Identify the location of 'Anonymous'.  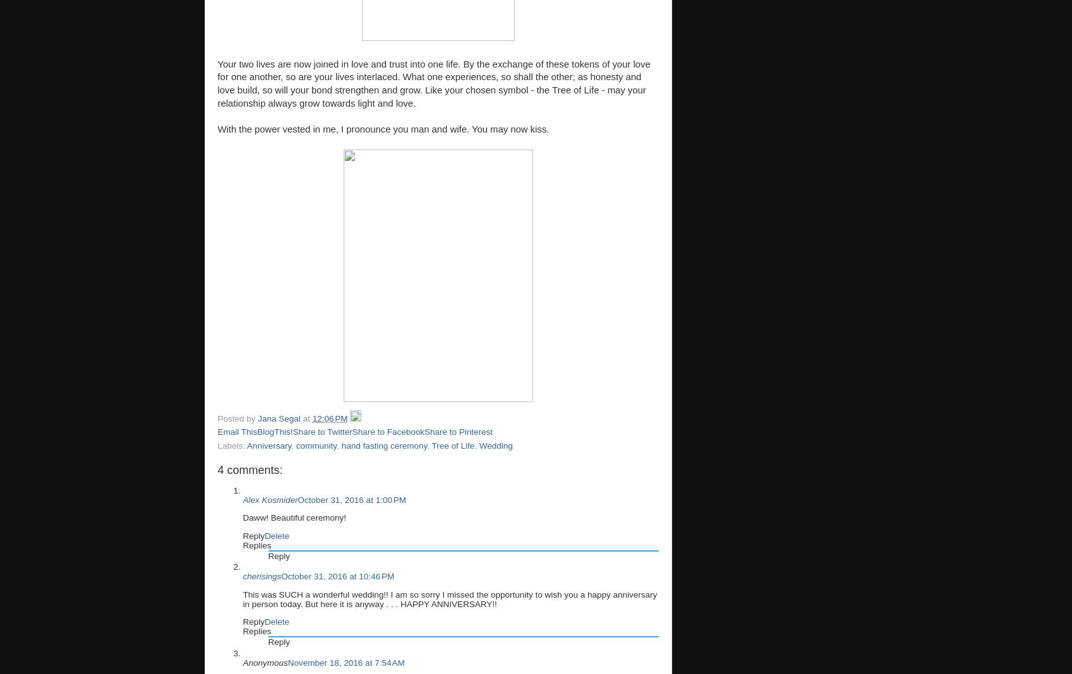
(264, 663).